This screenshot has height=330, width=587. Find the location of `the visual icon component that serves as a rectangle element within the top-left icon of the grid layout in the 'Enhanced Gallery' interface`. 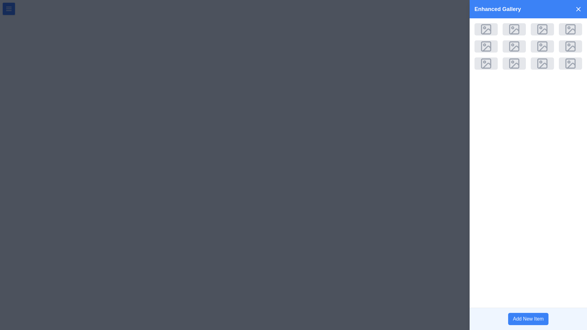

the visual icon component that serves as a rectangle element within the top-left icon of the grid layout in the 'Enhanced Gallery' interface is located at coordinates (485, 46).